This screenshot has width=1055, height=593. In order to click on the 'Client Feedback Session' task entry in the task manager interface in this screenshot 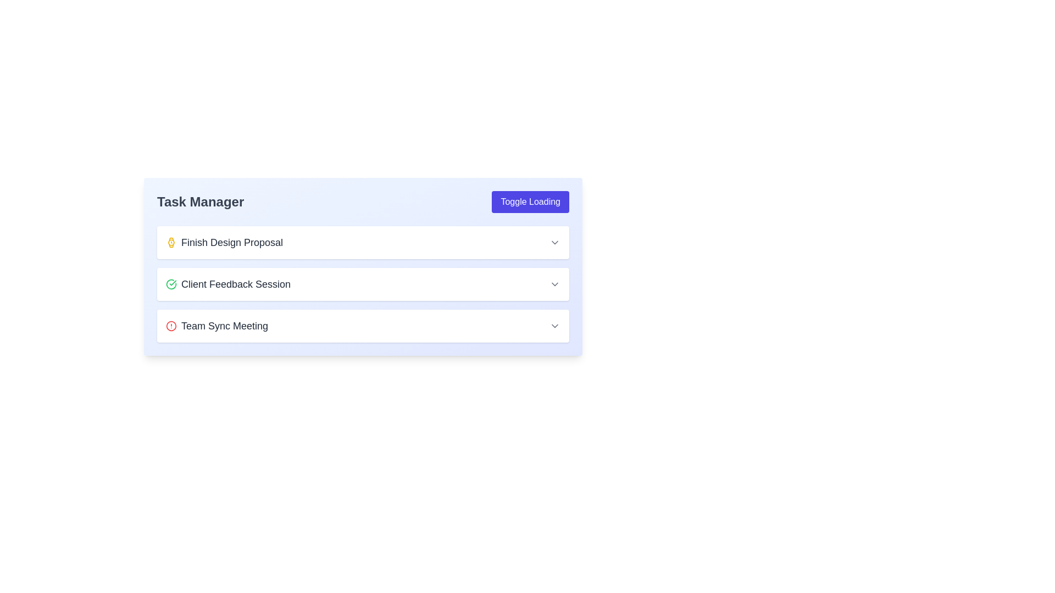, I will do `click(363, 283)`.